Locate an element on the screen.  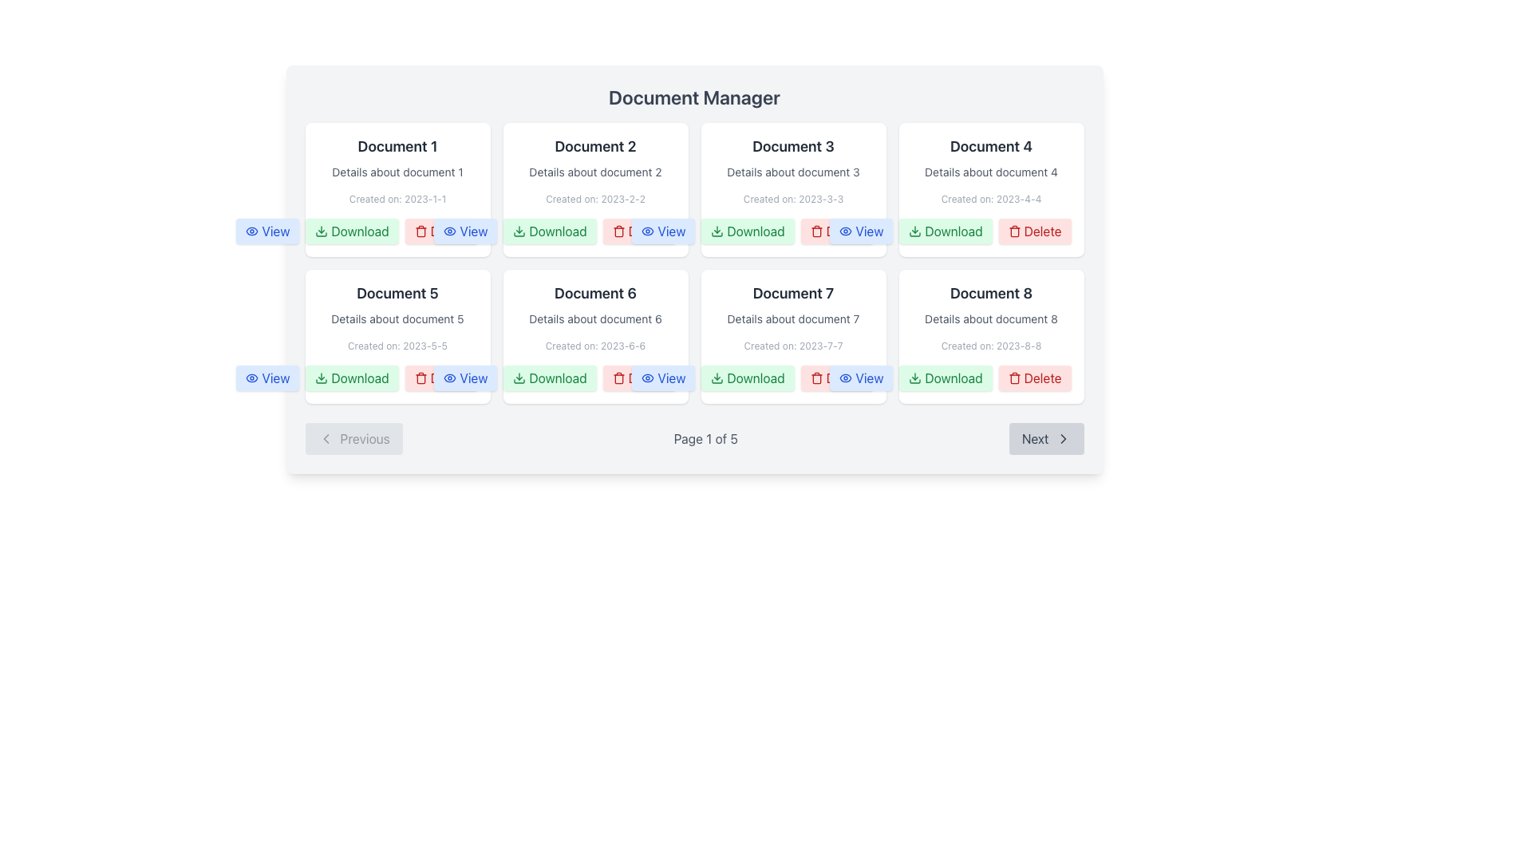
the 'View' button, which is visually represented by an eye icon, located below 'Document 5' with a blue background and rounded corners is located at coordinates (449, 378).